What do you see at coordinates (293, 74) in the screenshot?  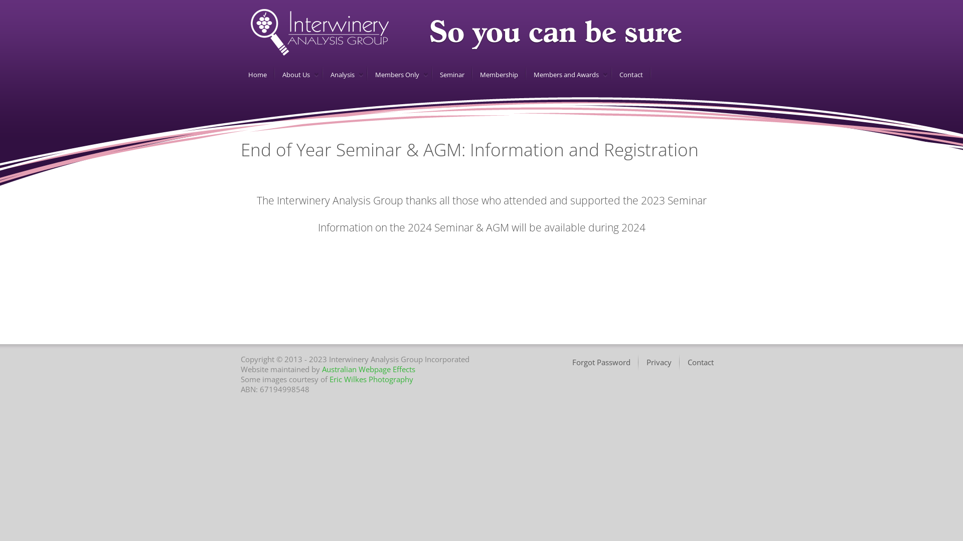 I see `'About Us'` at bounding box center [293, 74].